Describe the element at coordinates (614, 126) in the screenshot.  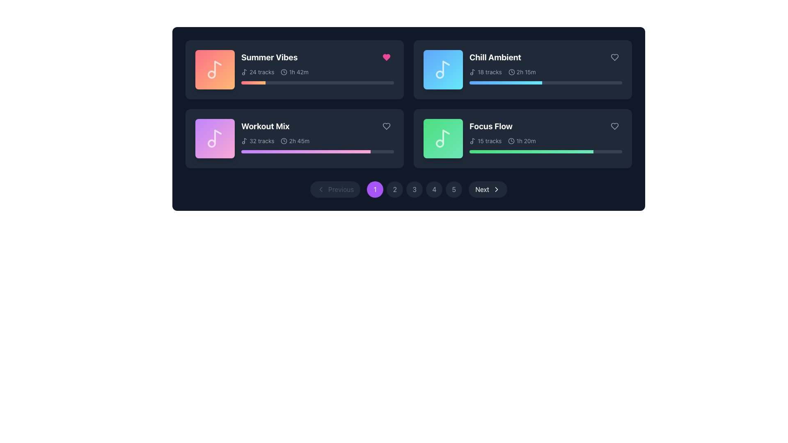
I see `the heart icon located in the top-right corner of the 'Focus Flow' card` at that location.